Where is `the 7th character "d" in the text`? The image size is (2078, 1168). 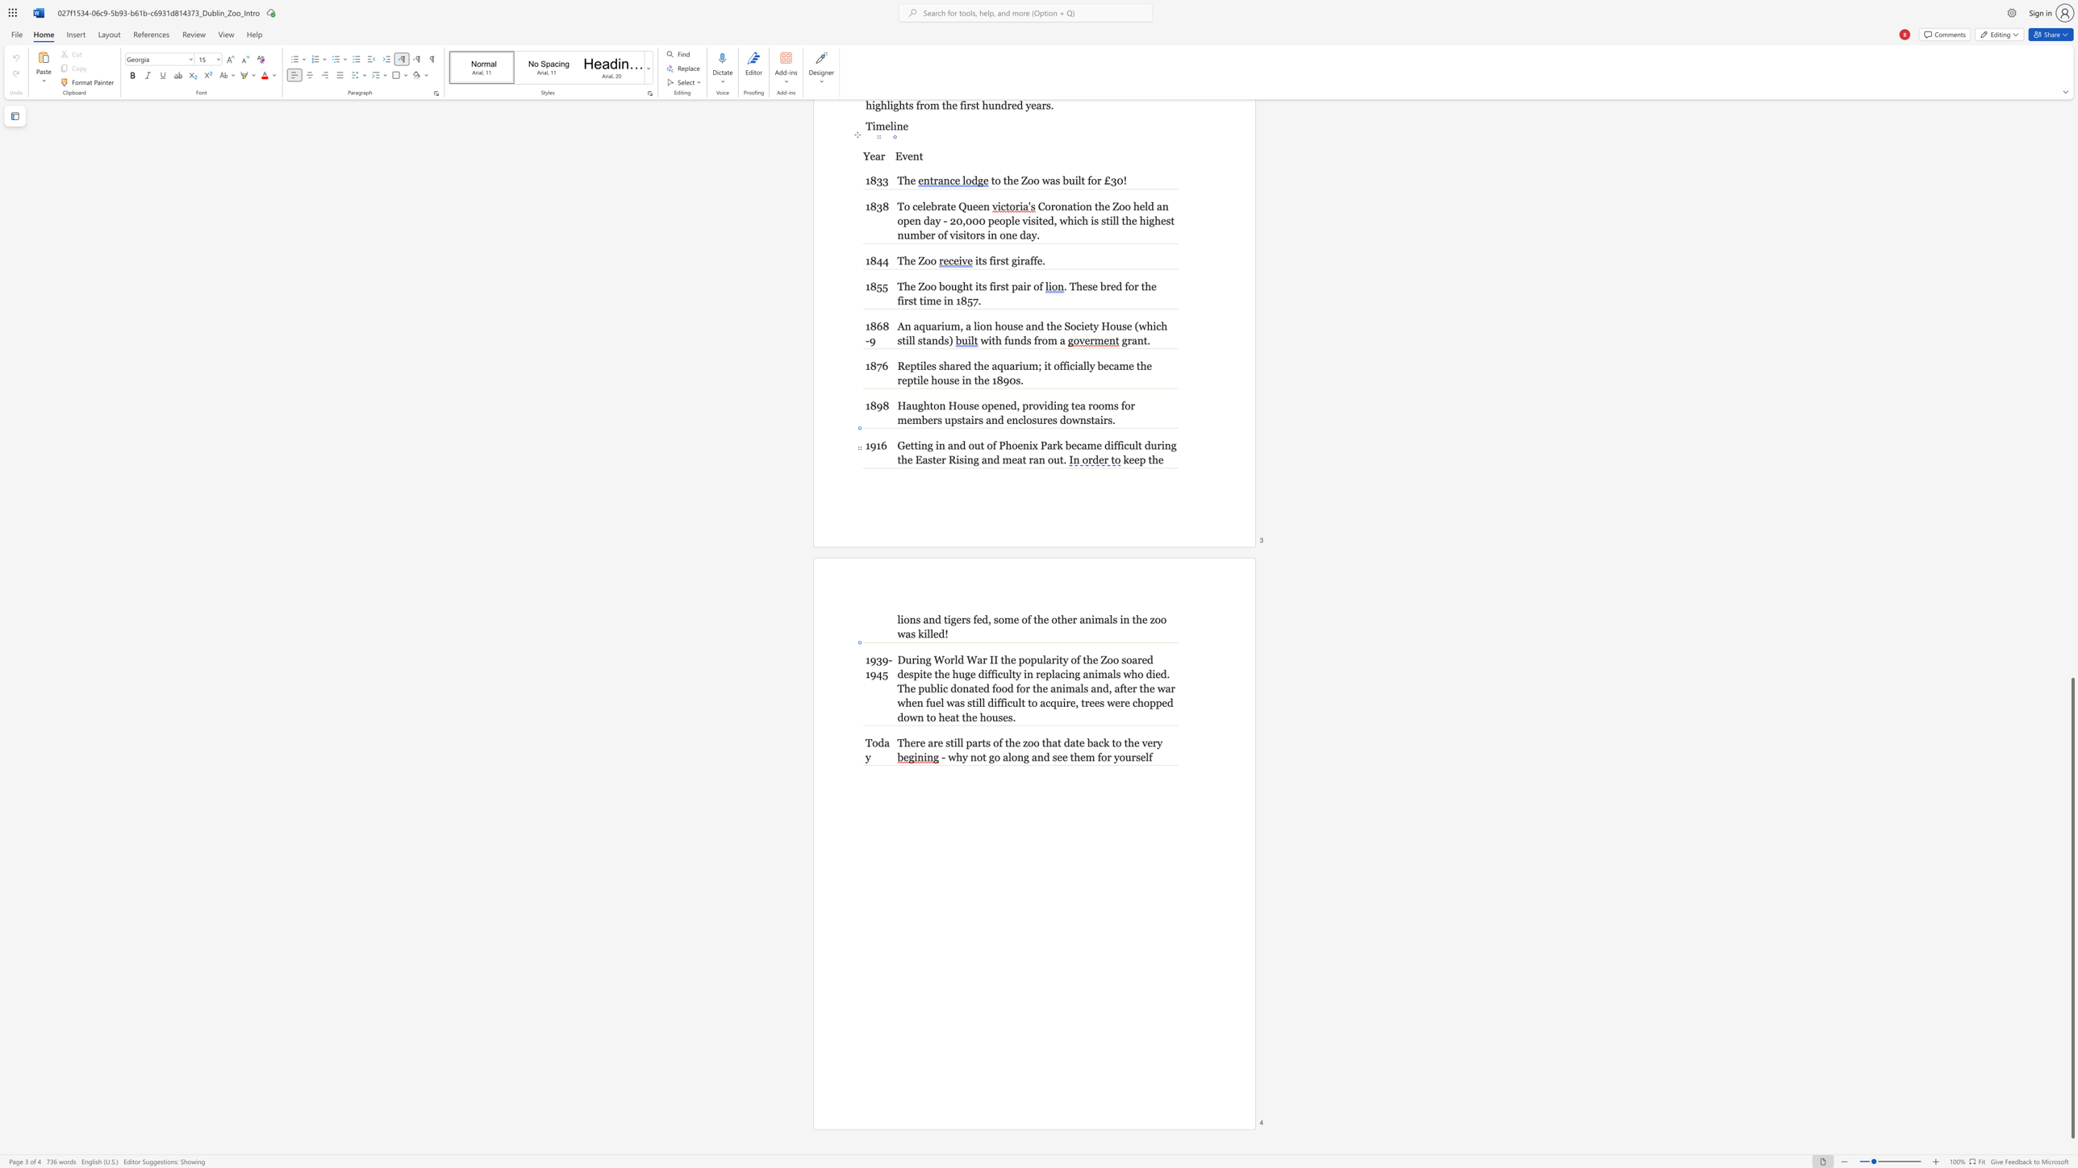
the 7th character "d" in the text is located at coordinates (953, 688).